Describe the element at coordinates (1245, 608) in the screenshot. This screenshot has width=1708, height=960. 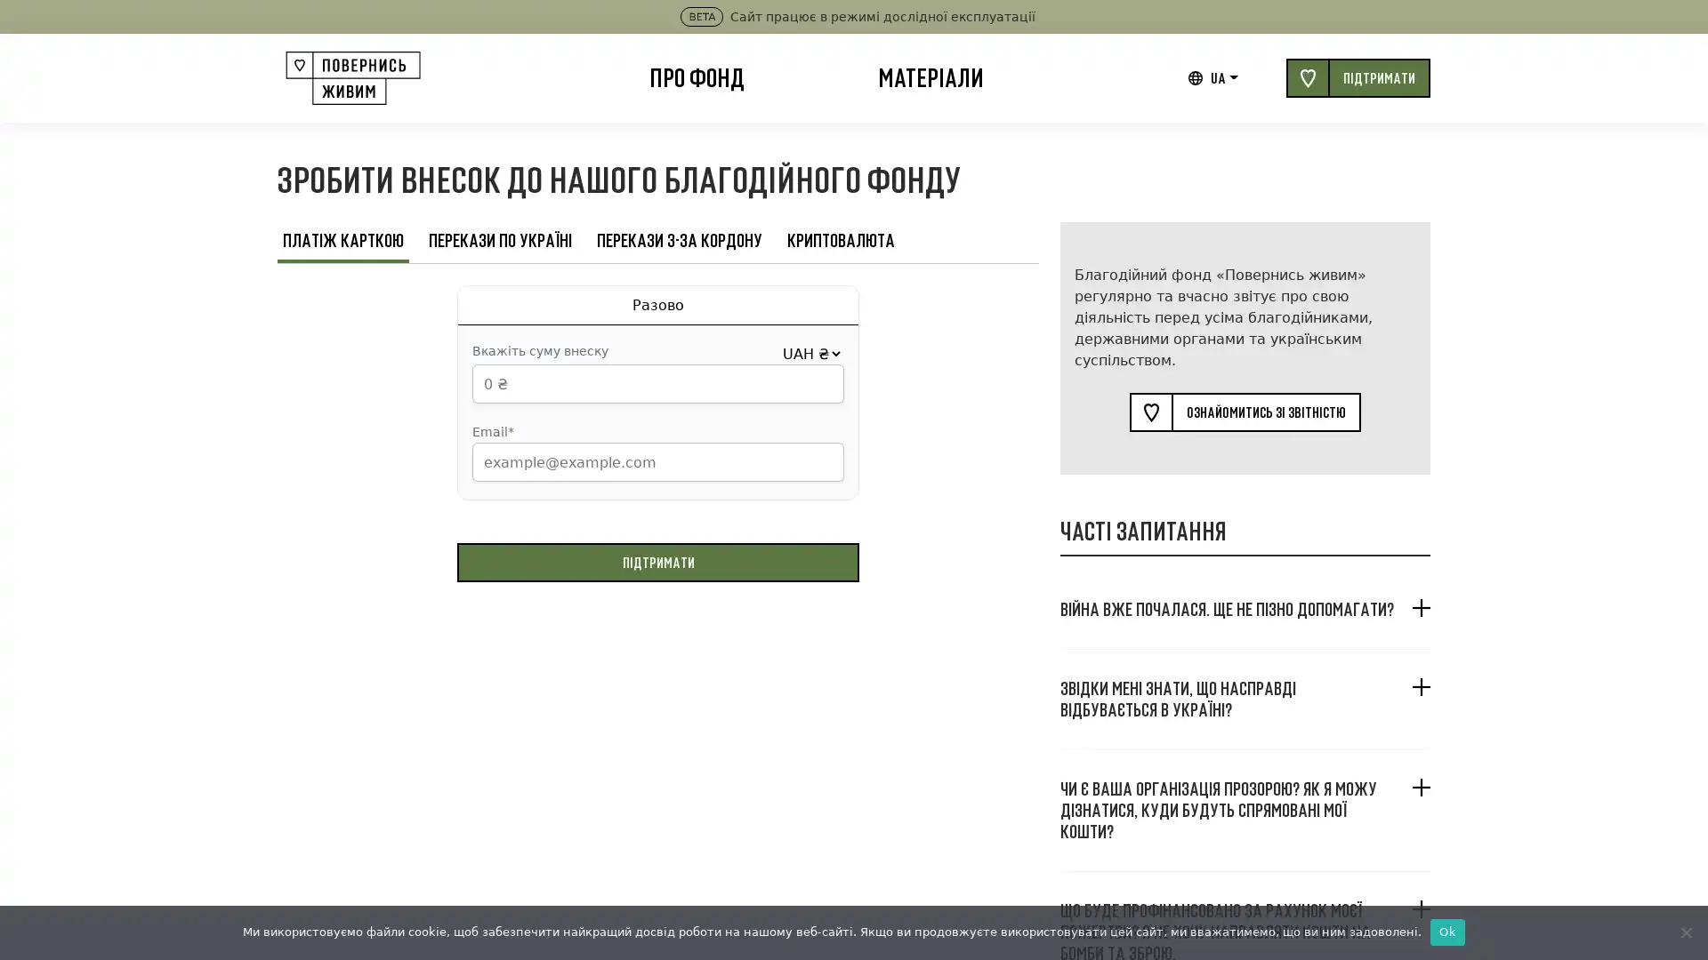
I see `.    ?` at that location.